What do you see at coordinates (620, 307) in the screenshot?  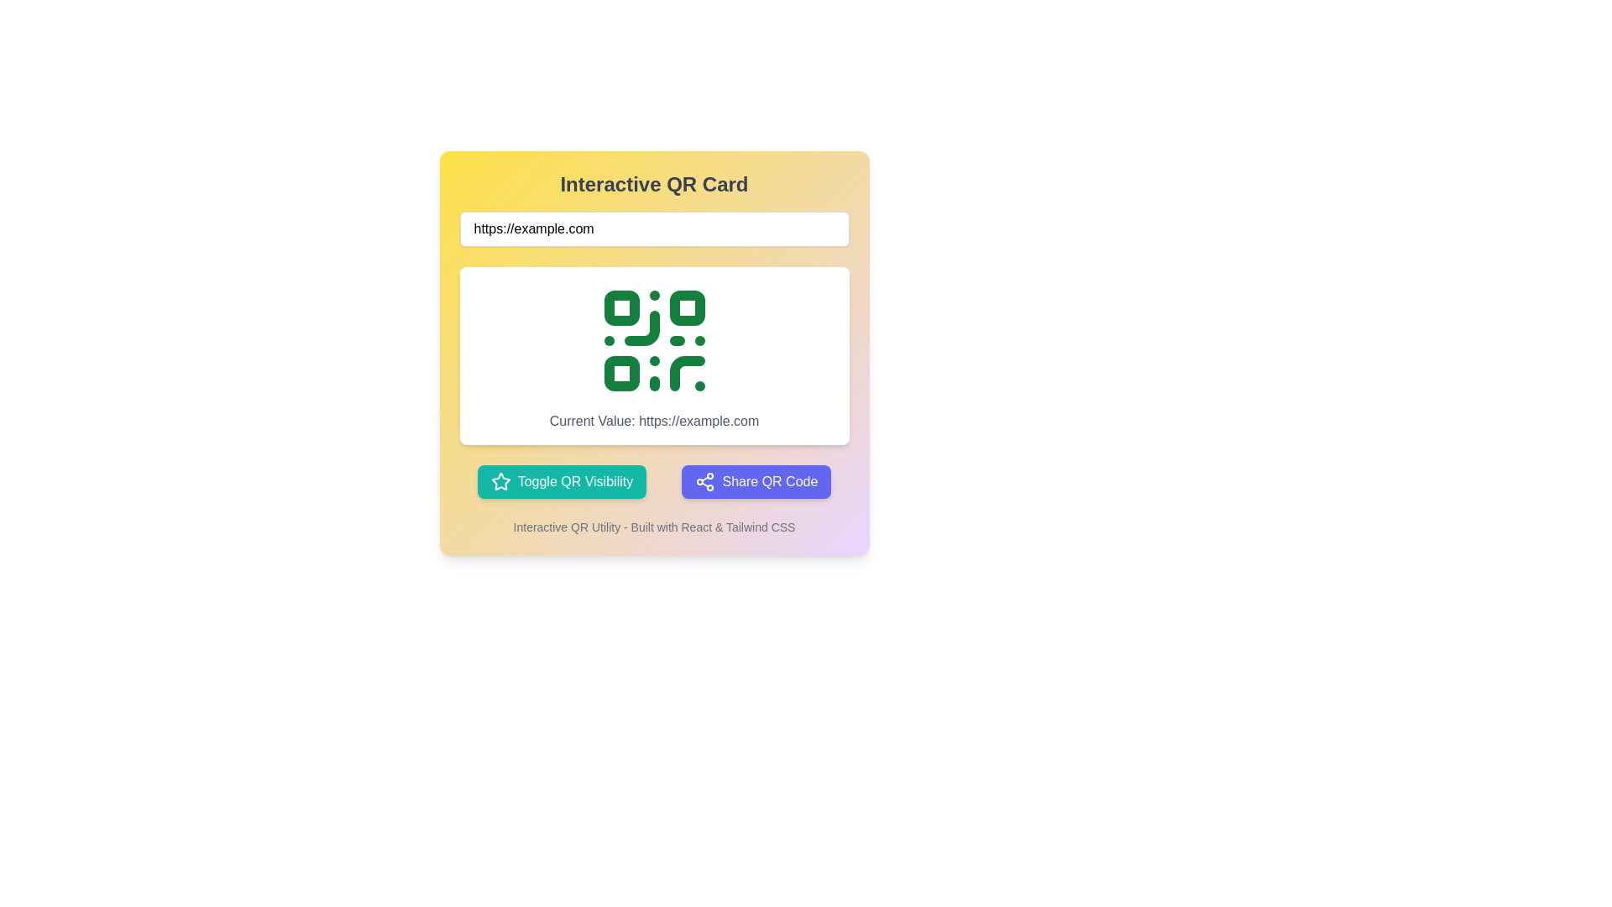 I see `the first small rounded square in the top-left part of the QR code graphic, which contributes to its visual identity` at bounding box center [620, 307].